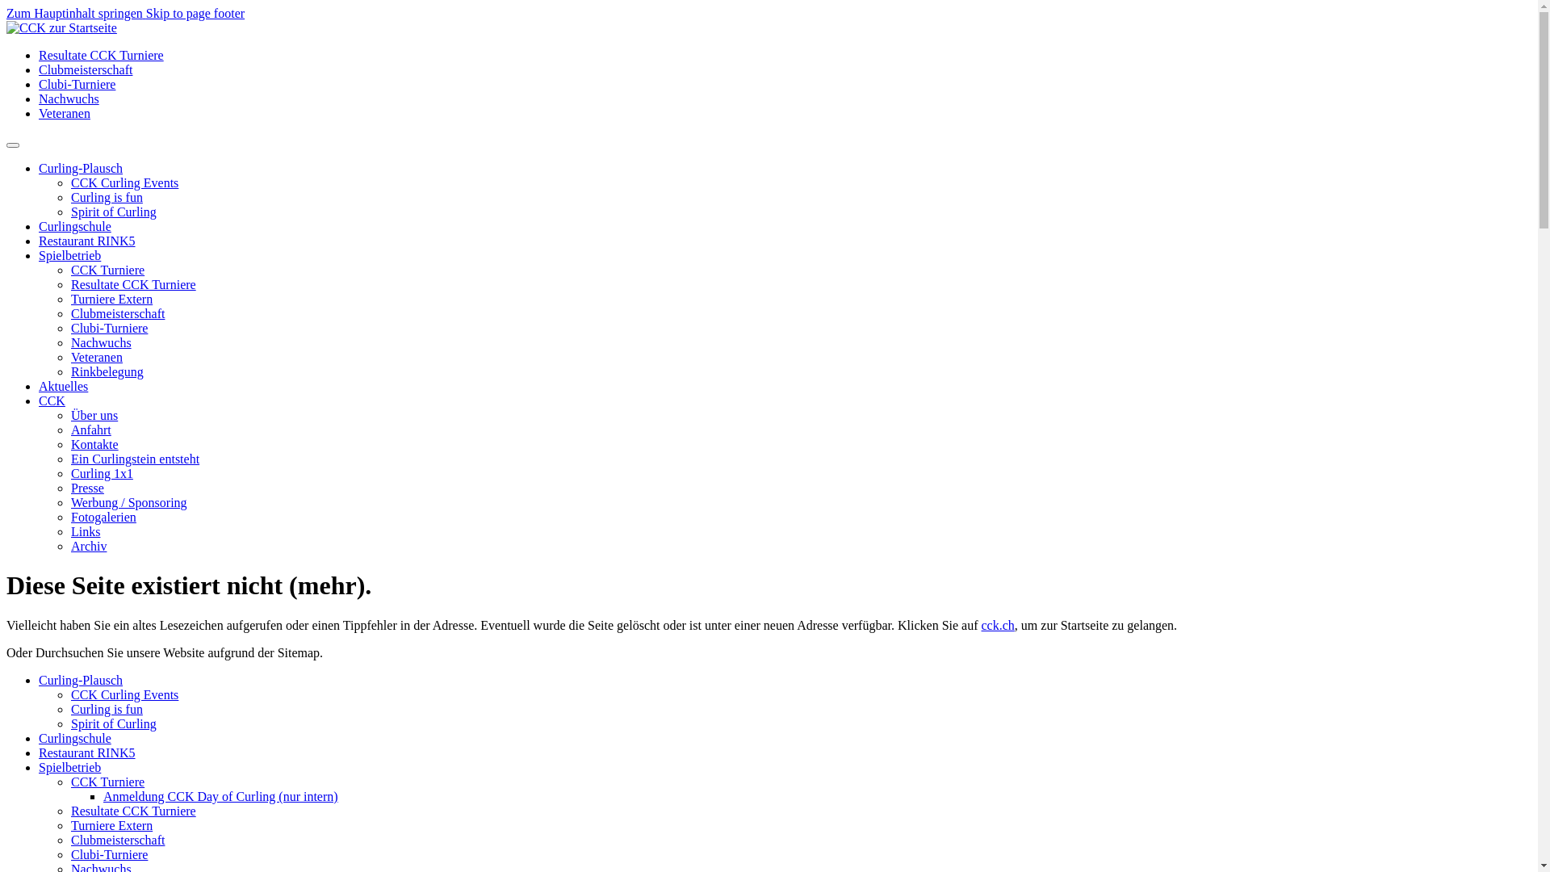 This screenshot has height=872, width=1550. Describe the element at coordinates (107, 781) in the screenshot. I see `'CCK Turniere'` at that location.